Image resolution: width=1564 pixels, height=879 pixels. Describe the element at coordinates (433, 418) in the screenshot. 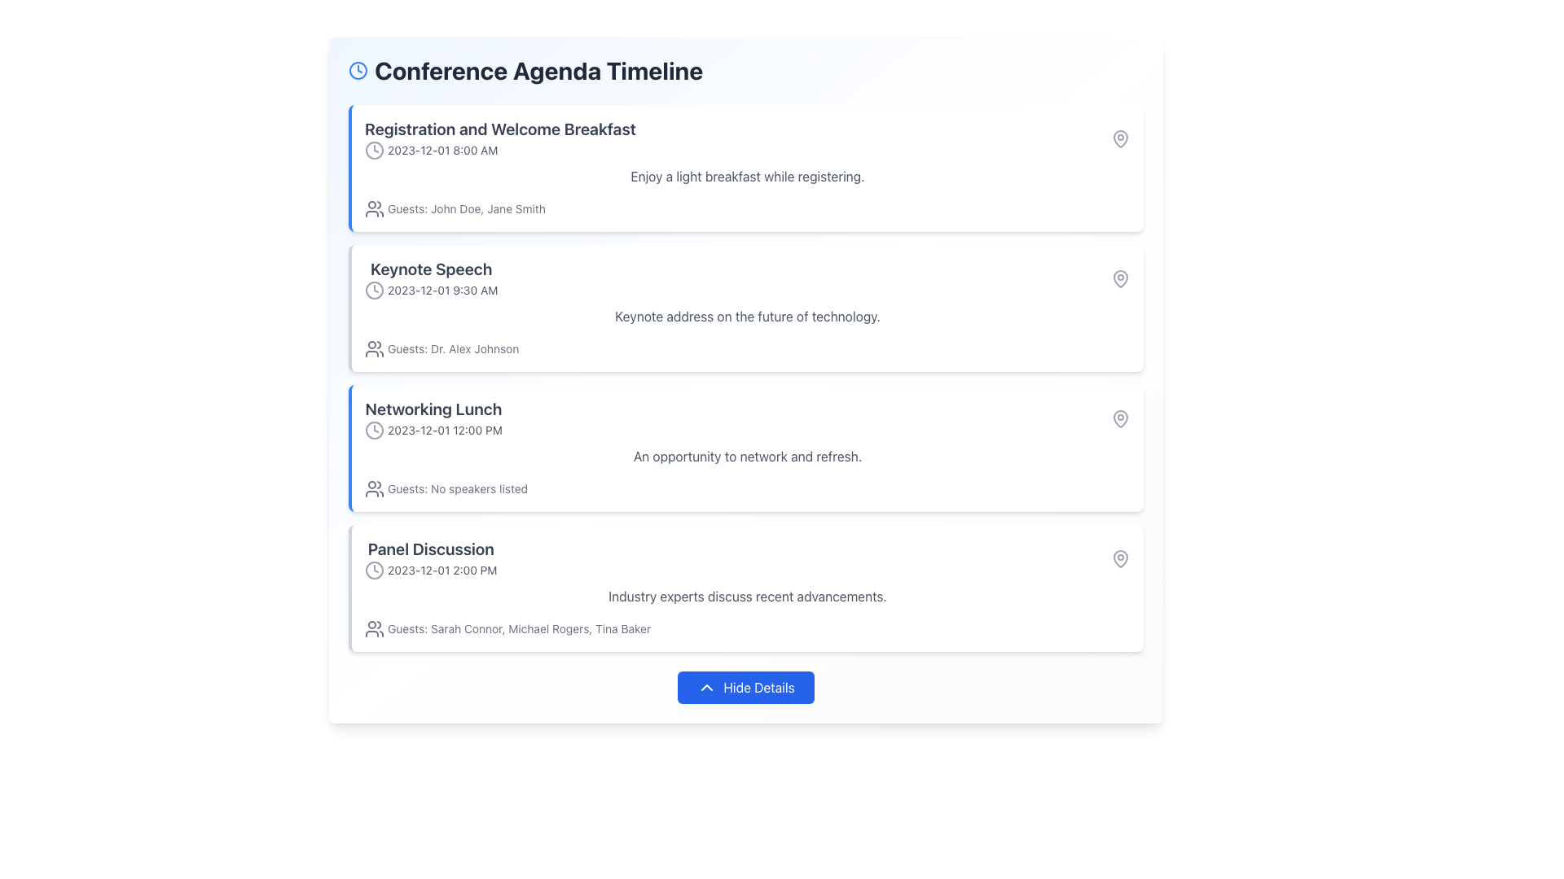

I see `the 'Networking Lunch' text element with the associated clock icon, which is the third item in the agenda timeline section` at that location.